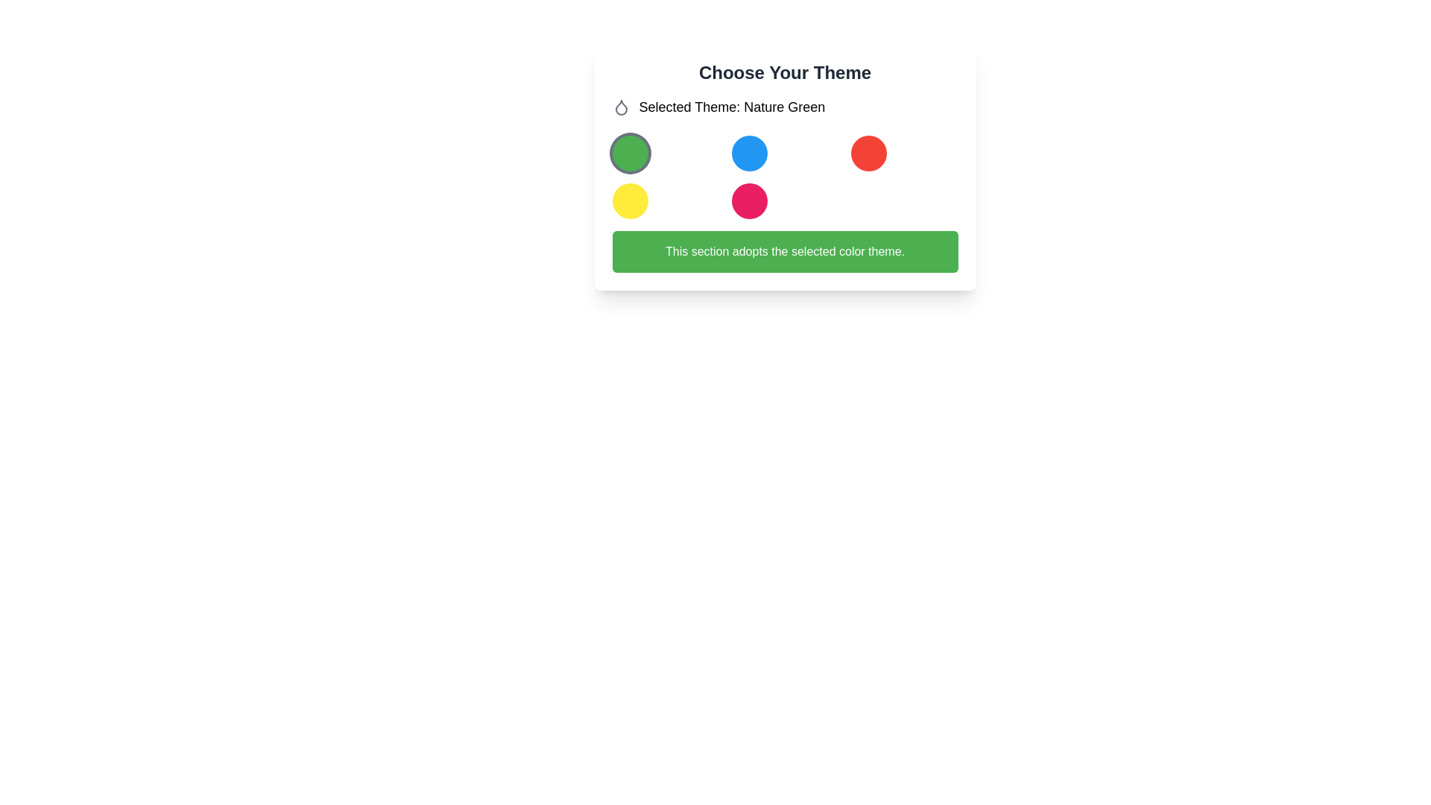 The width and height of the screenshot is (1431, 805). What do you see at coordinates (784, 72) in the screenshot?
I see `the Text Label that serves as a title or section heading for selecting a theme, located at the top of a white card layout` at bounding box center [784, 72].